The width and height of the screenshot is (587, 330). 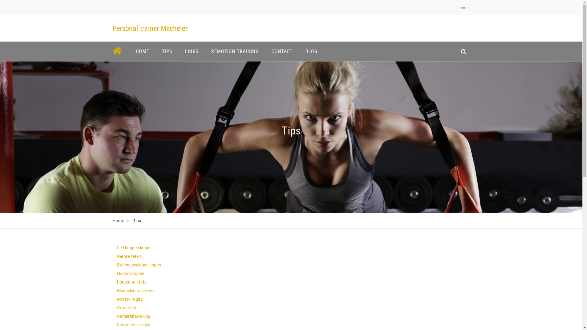 What do you see at coordinates (135, 290) in the screenshot?
I see `'Meubelen torrekens'` at bounding box center [135, 290].